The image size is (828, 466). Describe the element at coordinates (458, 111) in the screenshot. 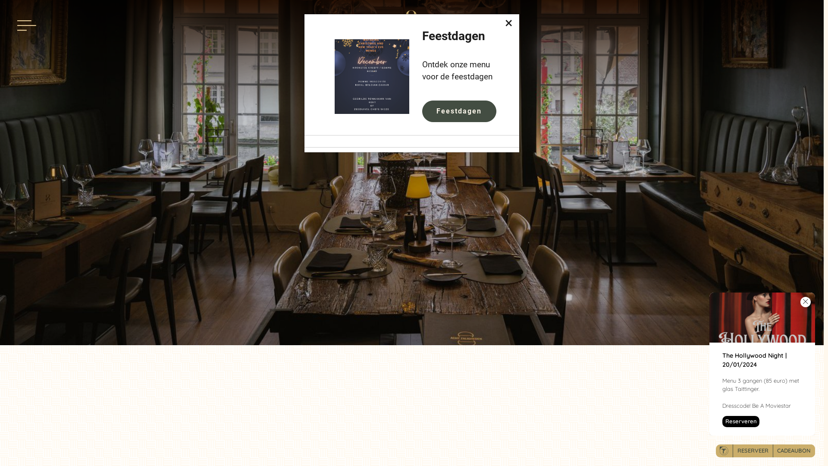

I see `'Feestdagen'` at that location.